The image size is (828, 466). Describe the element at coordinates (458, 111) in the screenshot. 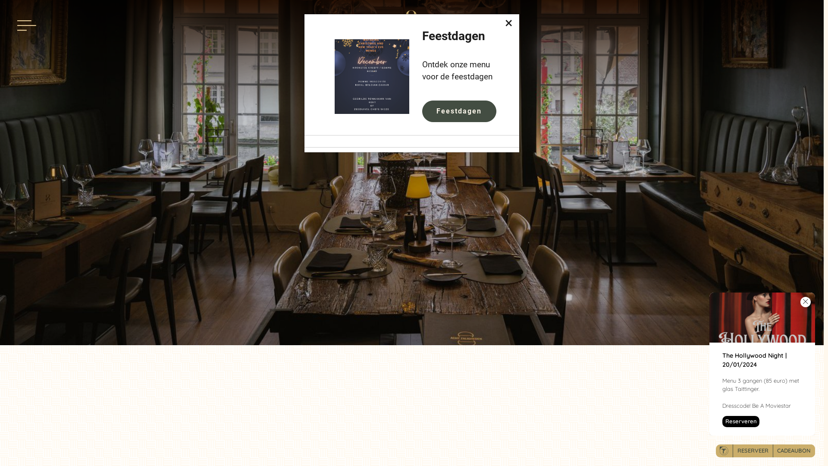

I see `'Feestdagen'` at that location.